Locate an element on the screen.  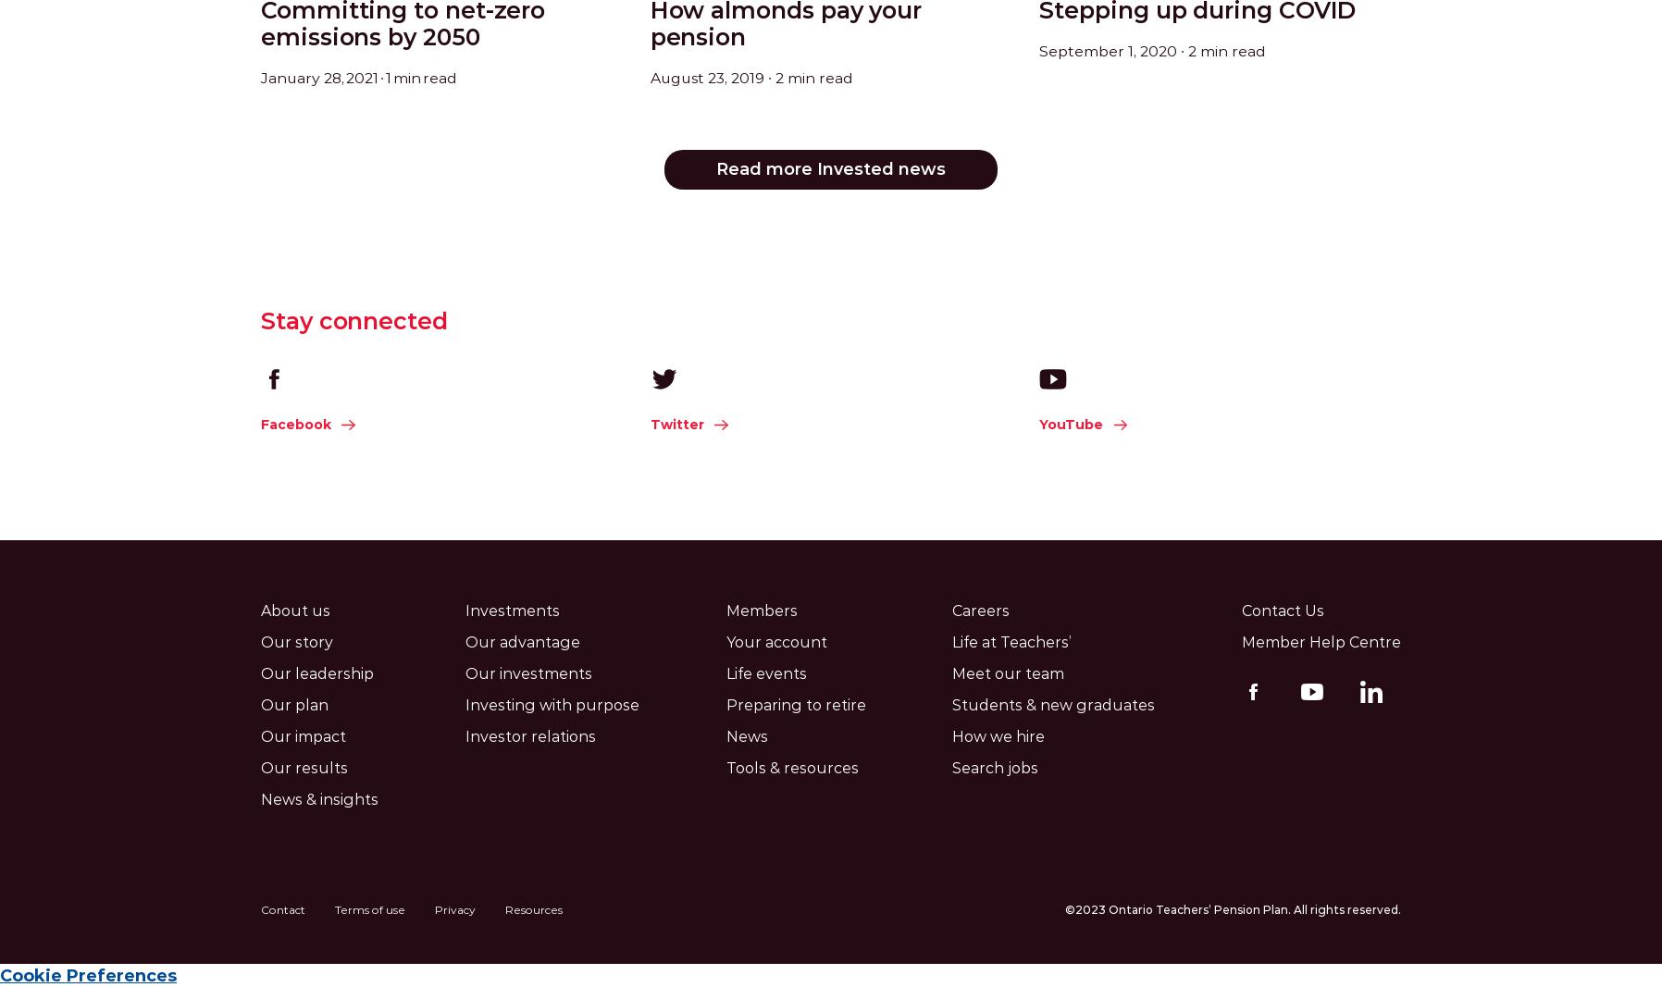
'Life events' is located at coordinates (765, 672).